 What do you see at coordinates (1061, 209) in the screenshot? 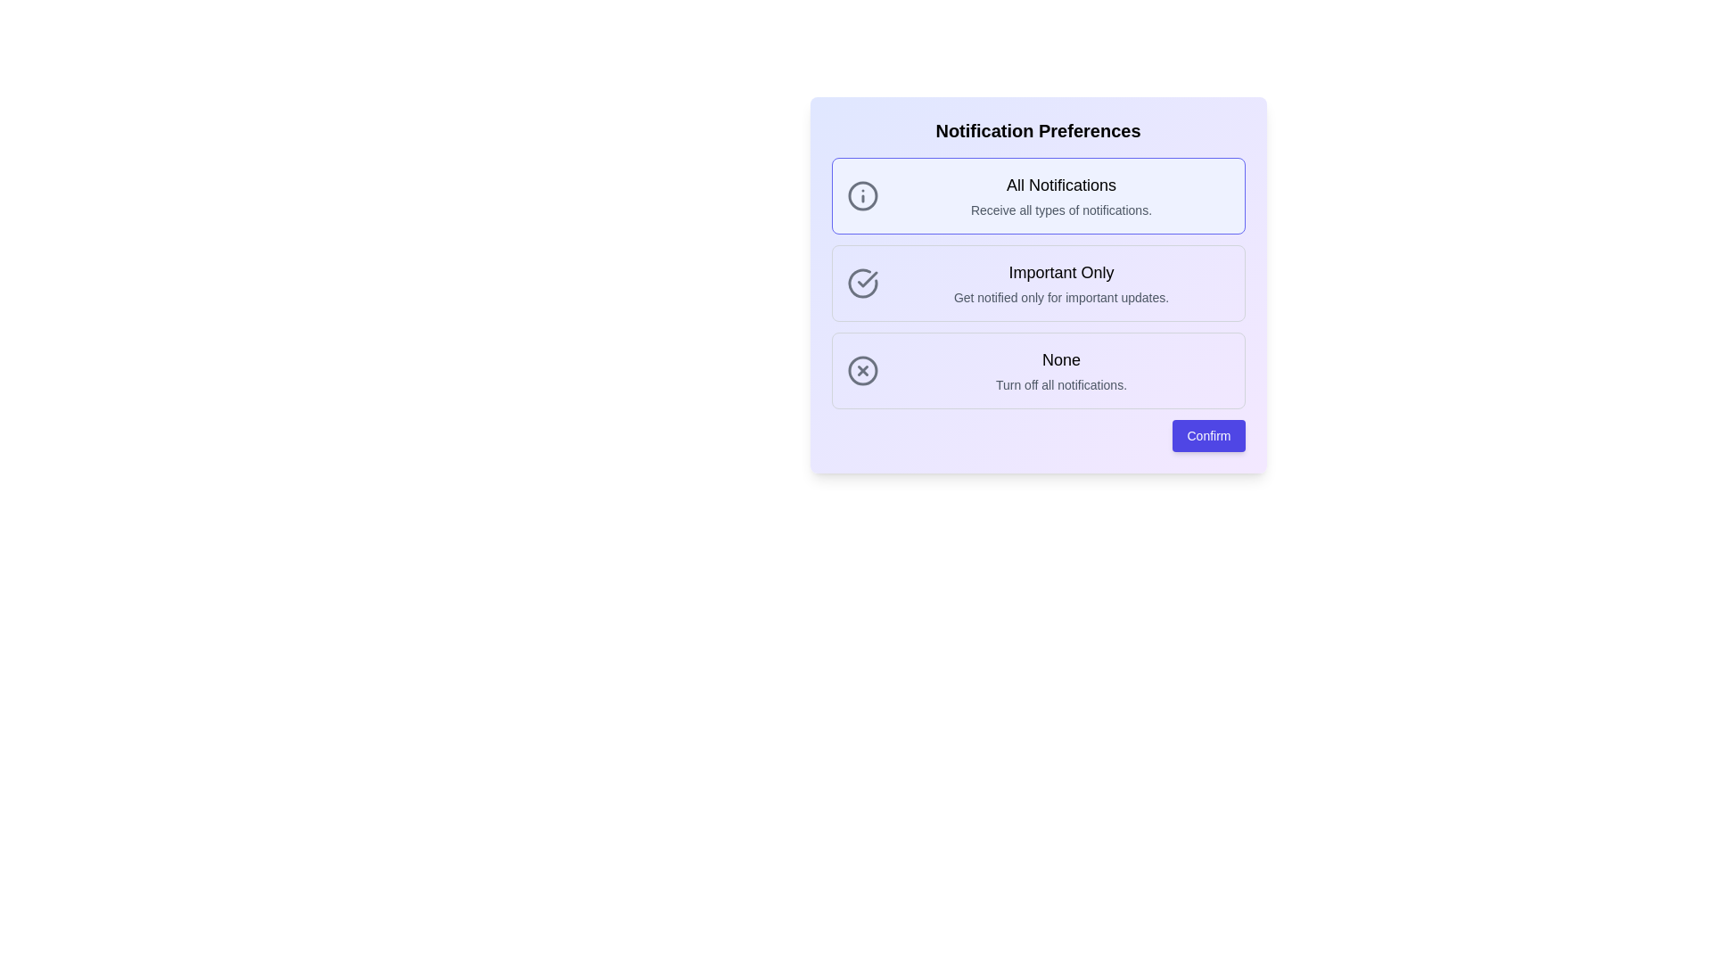
I see `the Text Label that reads 'Receive all types of notifications.' located below the title 'All Notifications' in the 'Notification Preferences' panel` at bounding box center [1061, 209].